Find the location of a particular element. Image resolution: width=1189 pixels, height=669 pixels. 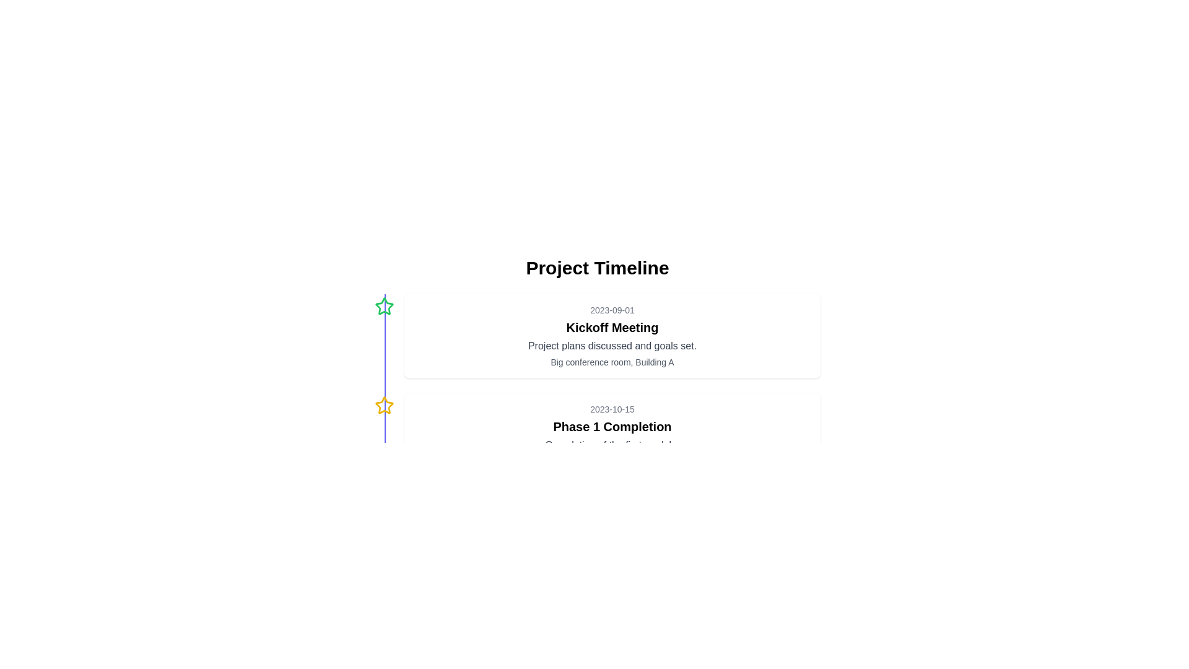

the second star icon adjacent to the timeline marker that signifies a particular event or milestone is located at coordinates (383, 405).